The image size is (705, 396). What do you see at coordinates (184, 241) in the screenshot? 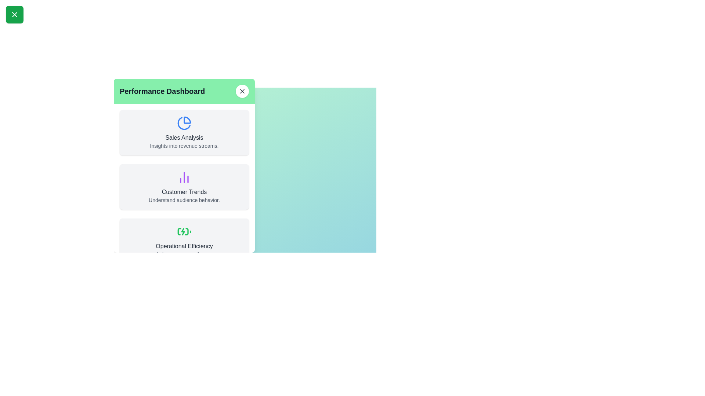
I see `the Informational Card that has a light gray background, rounded corners, and contains the battery icon along with the text 'Operational Efficiency' and subtitle 'Optimize process performance'. This card is the third in a list of three and is centered horizontally` at bounding box center [184, 241].